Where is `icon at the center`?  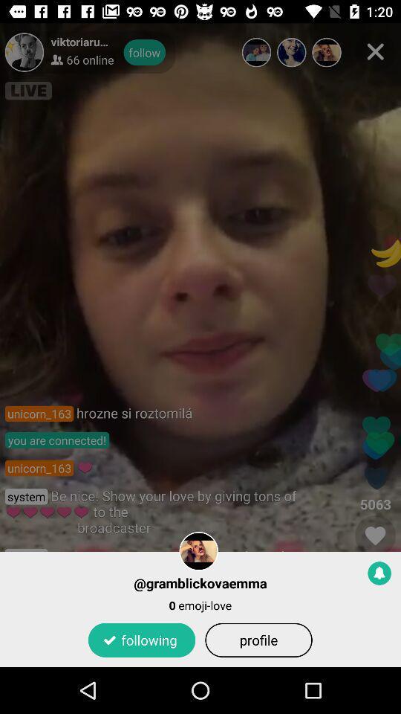 icon at the center is located at coordinates (200, 345).